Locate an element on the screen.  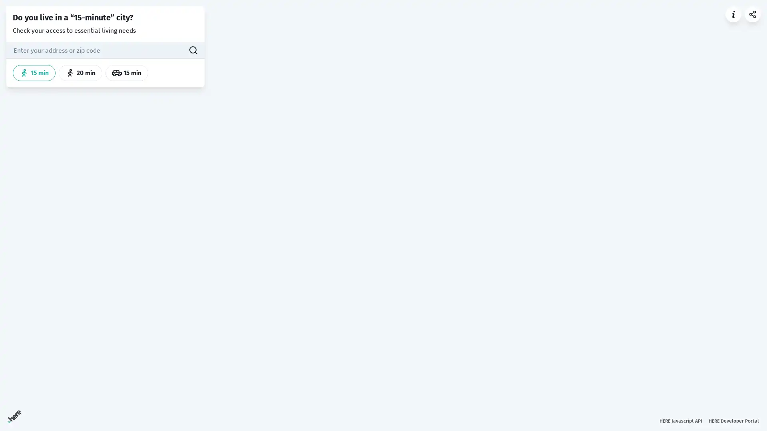
15 min is located at coordinates (34, 73).